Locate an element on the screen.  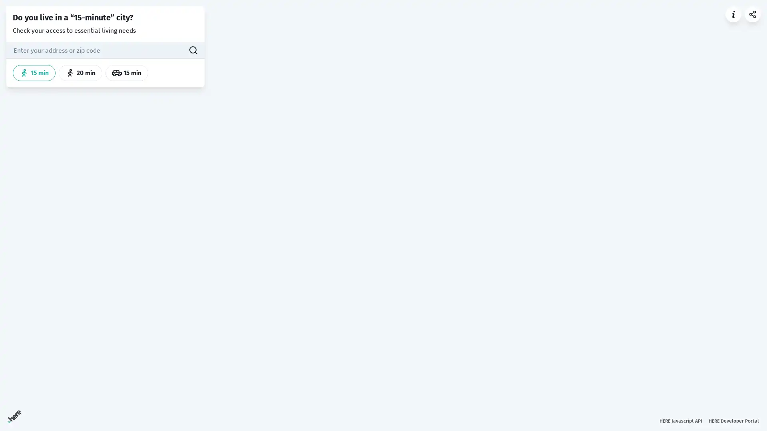
15 min is located at coordinates (34, 73).